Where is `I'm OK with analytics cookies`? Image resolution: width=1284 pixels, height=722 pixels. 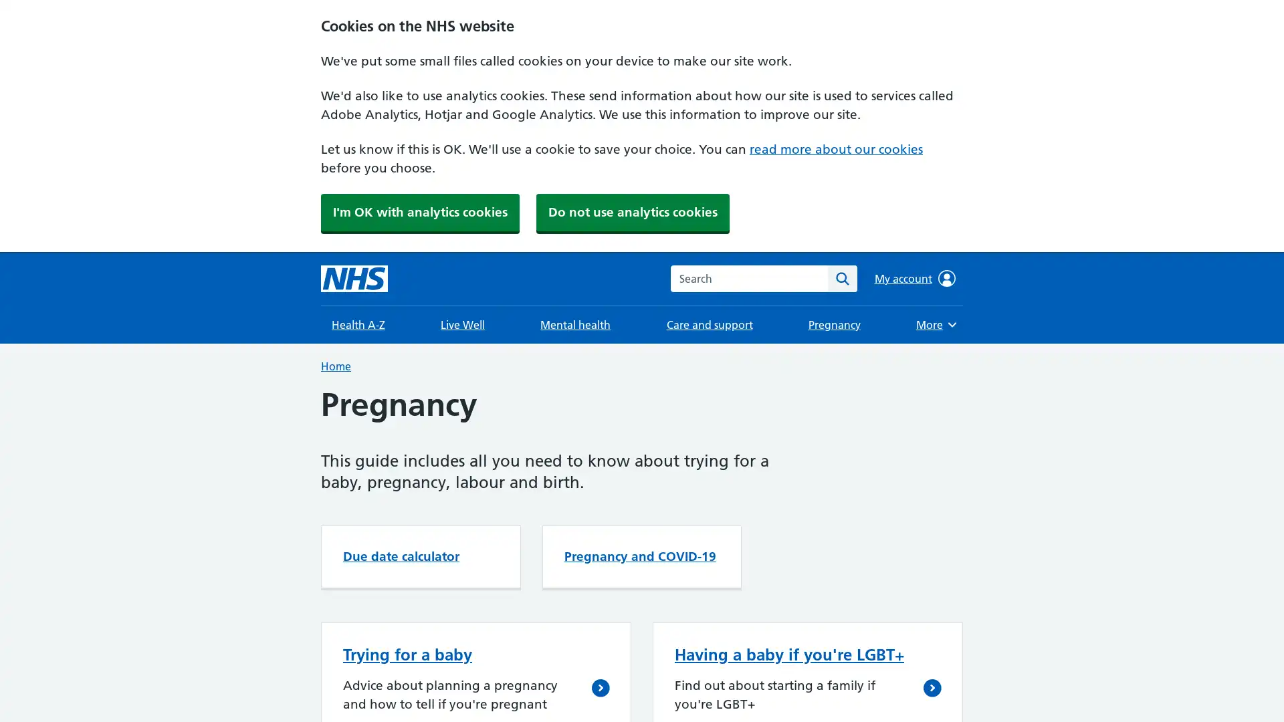 I'm OK with analytics cookies is located at coordinates (419, 211).